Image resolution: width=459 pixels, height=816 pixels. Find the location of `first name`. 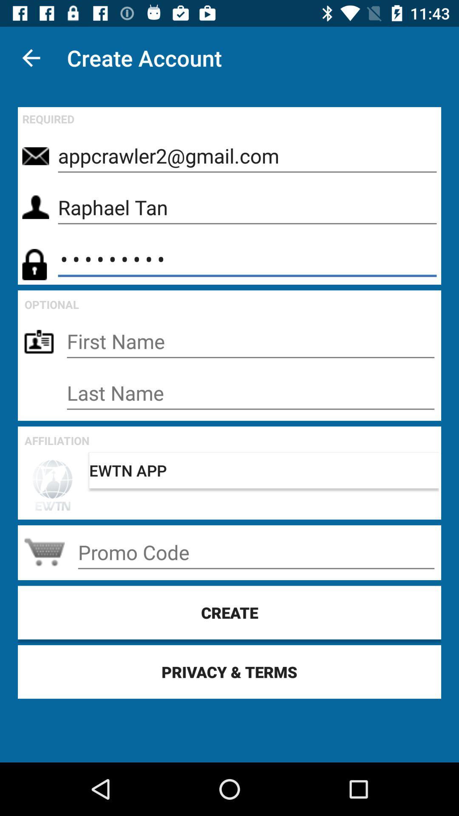

first name is located at coordinates (250, 341).